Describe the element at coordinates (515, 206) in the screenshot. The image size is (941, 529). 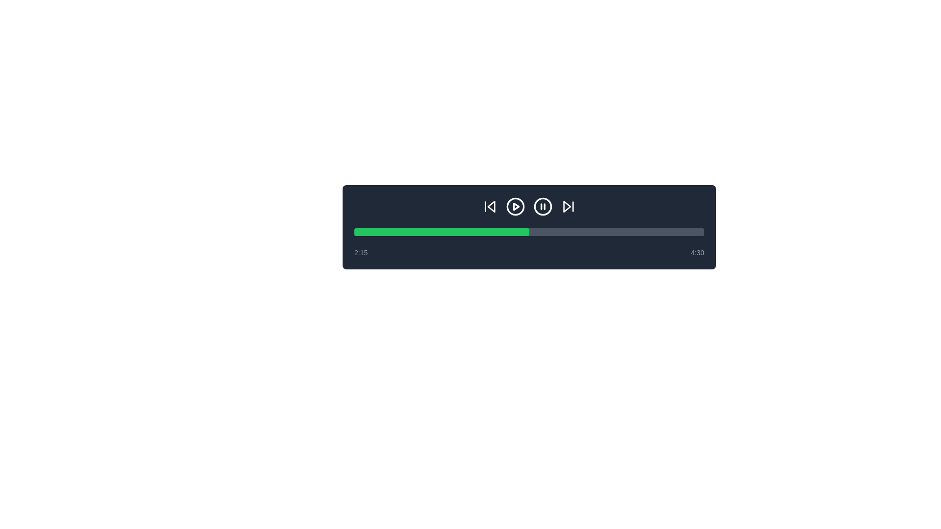
I see `the circular outline of the play button located in the playback controls area, which surrounds the triangle-shaped play icon` at that location.